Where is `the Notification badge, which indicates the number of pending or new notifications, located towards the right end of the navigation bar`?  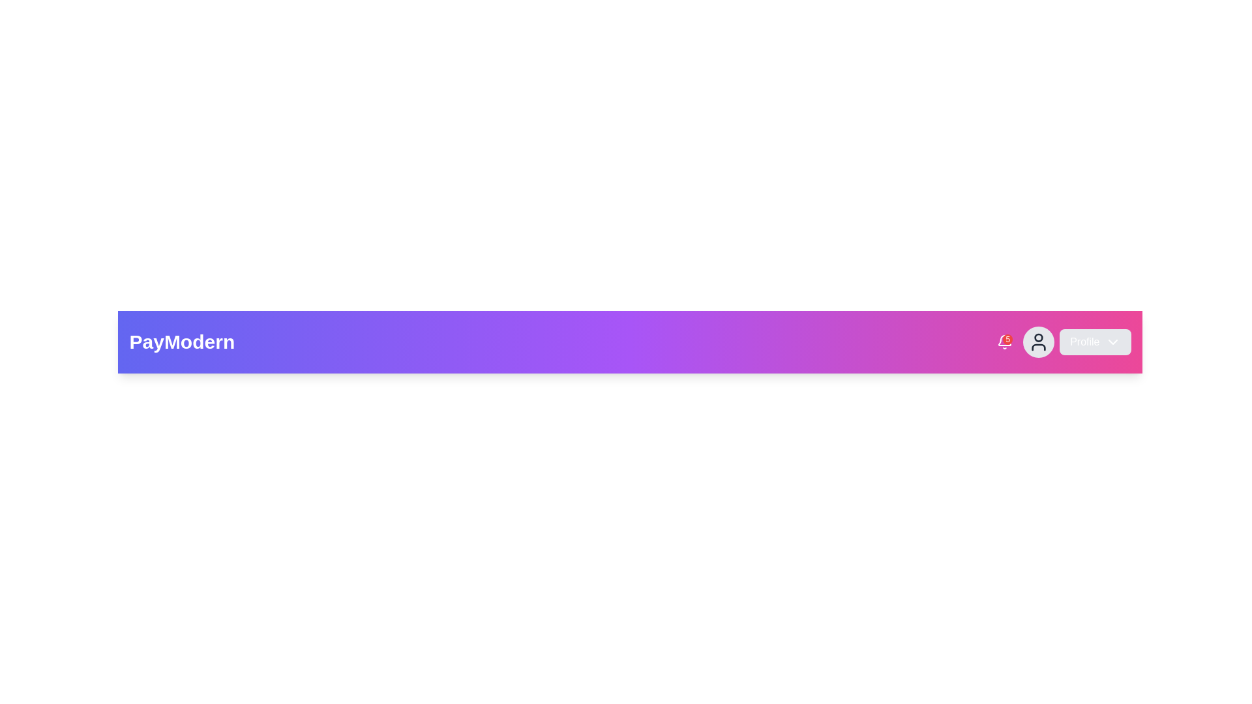
the Notification badge, which indicates the number of pending or new notifications, located towards the right end of the navigation bar is located at coordinates (1004, 341).